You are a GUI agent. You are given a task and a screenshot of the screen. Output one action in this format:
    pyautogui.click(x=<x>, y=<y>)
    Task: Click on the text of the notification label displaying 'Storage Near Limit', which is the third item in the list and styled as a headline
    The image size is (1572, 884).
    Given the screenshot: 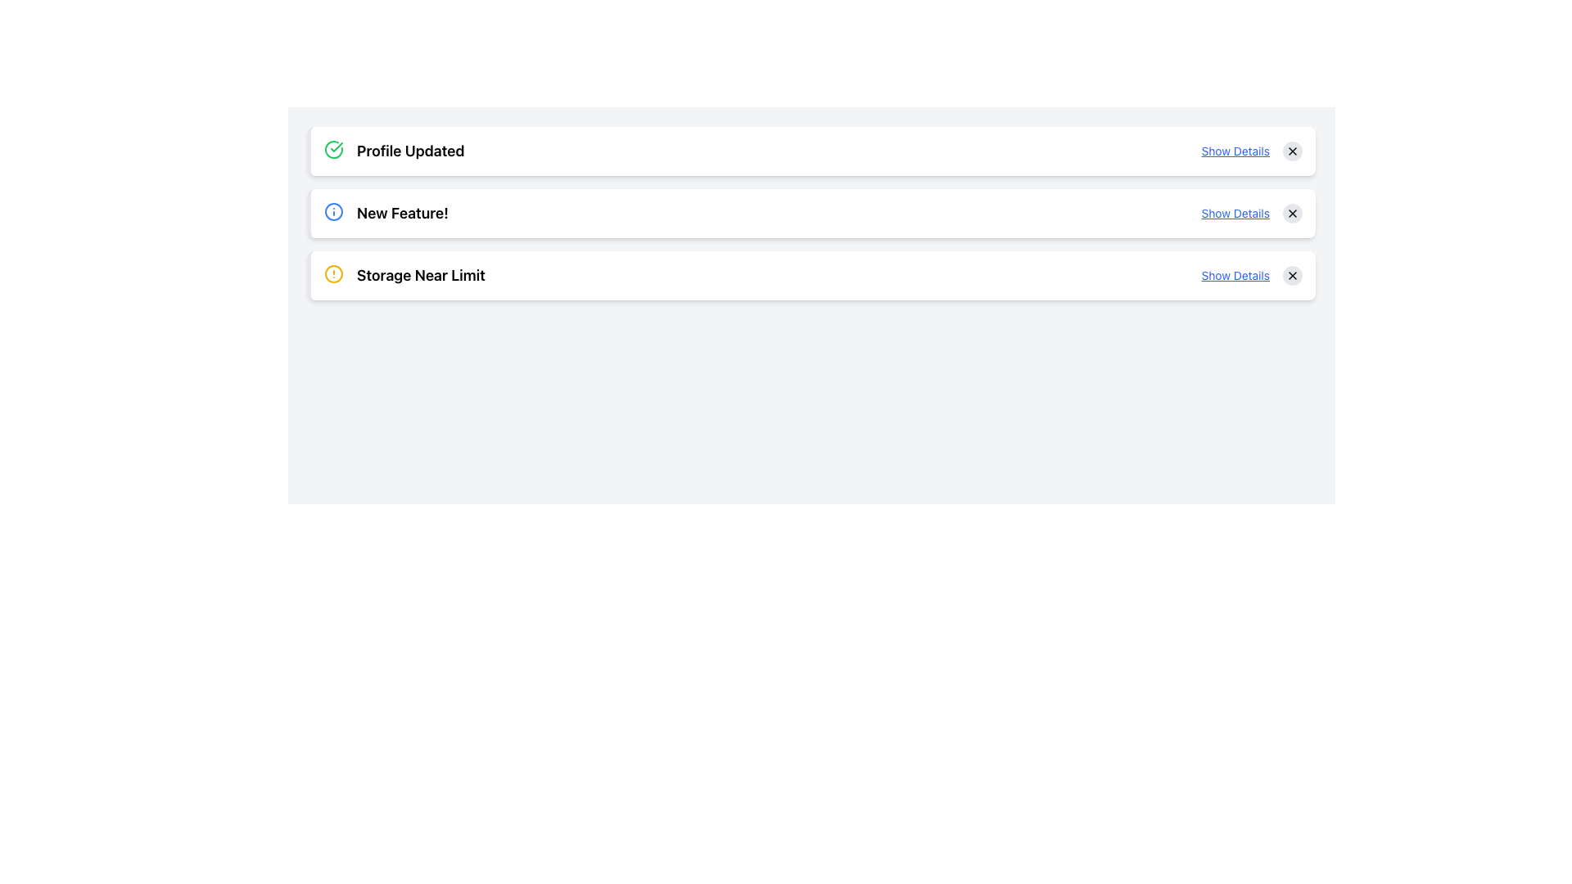 What is the action you would take?
    pyautogui.click(x=421, y=274)
    